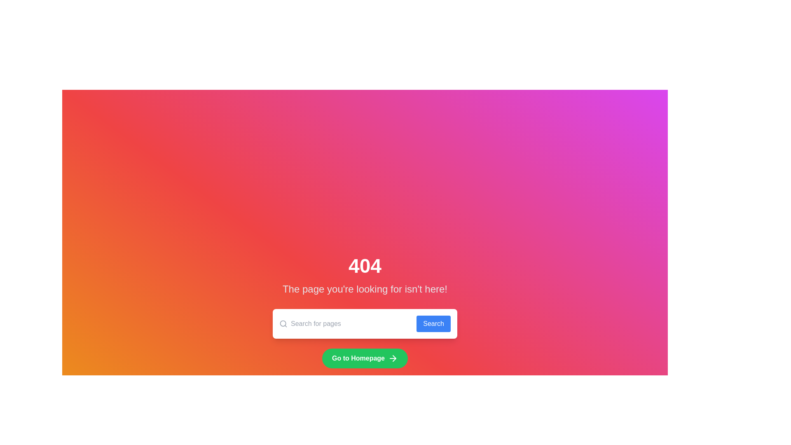 The width and height of the screenshot is (791, 445). What do you see at coordinates (365, 358) in the screenshot?
I see `the 'Go to Homepage' button, which is a rectangular button with rounded corners, a green background, and white bold text, located below the 'Search' bar` at bounding box center [365, 358].